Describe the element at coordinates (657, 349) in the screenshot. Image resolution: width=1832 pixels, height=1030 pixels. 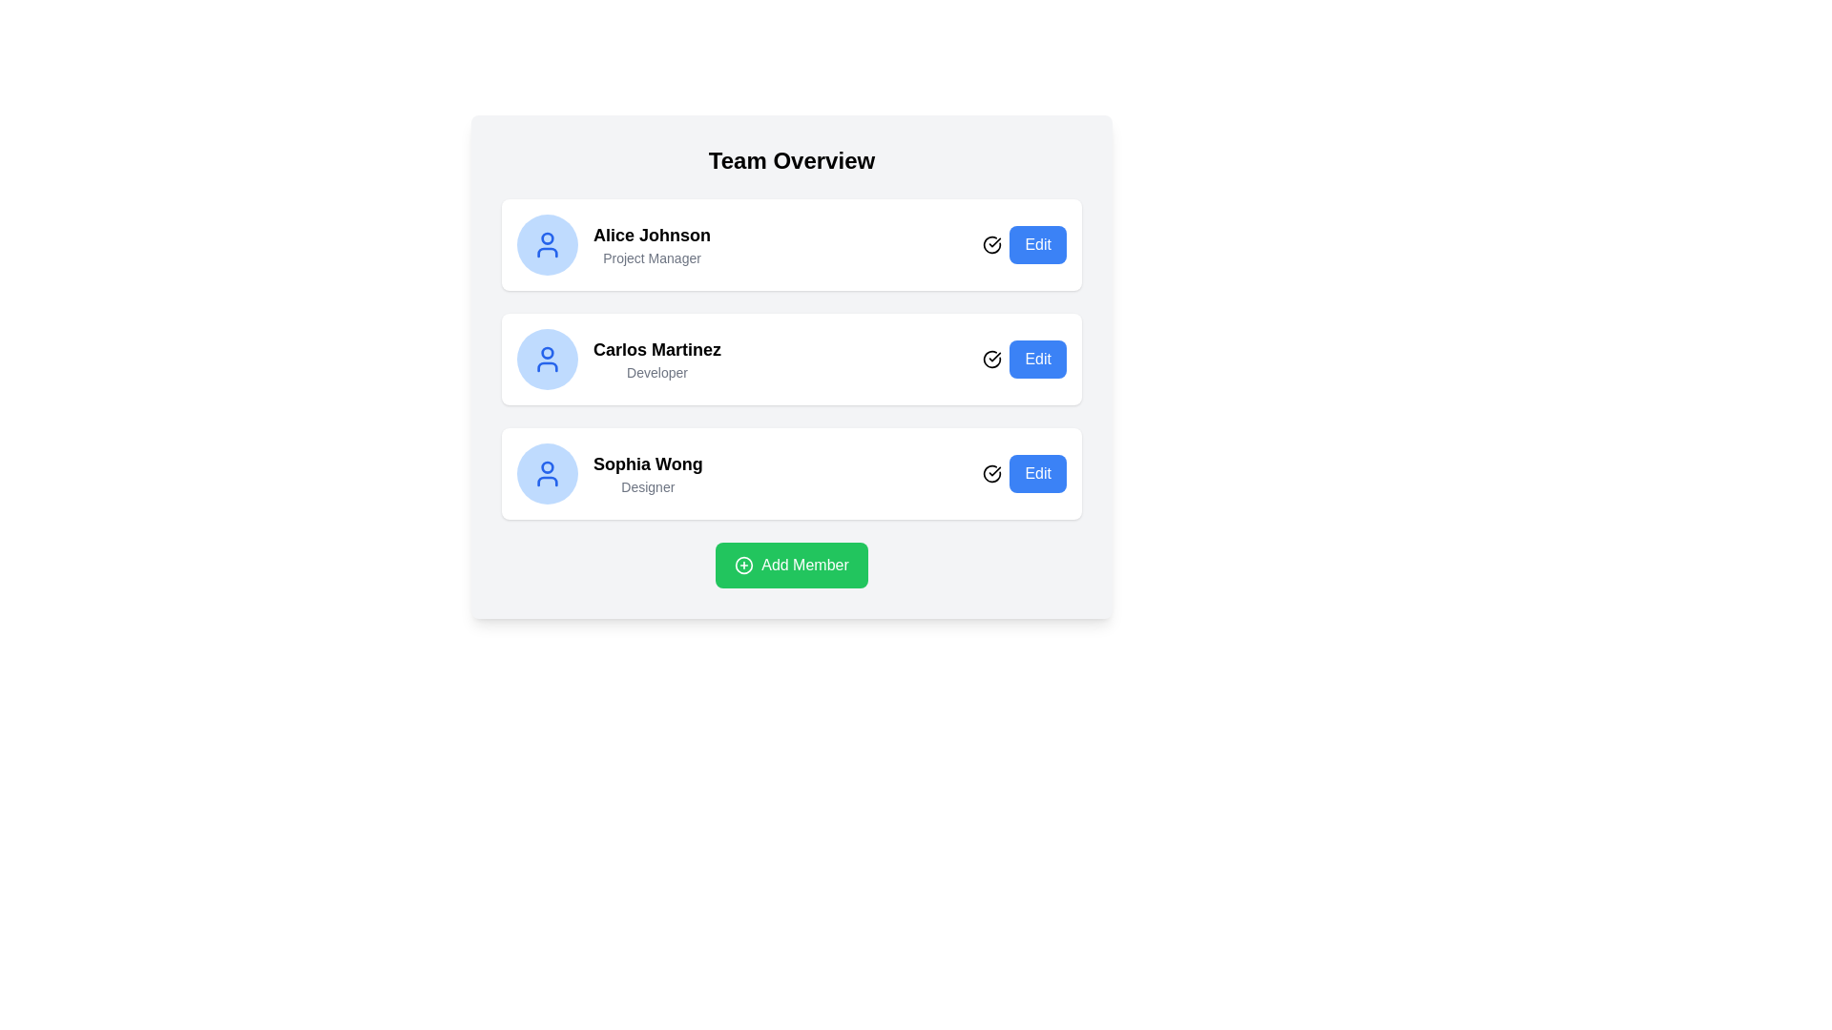
I see `the text label 'Carlos Martinez' which is styled with a bold font and is part of the second profile card in the list, positioned above the subtitle 'Developer'` at that location.